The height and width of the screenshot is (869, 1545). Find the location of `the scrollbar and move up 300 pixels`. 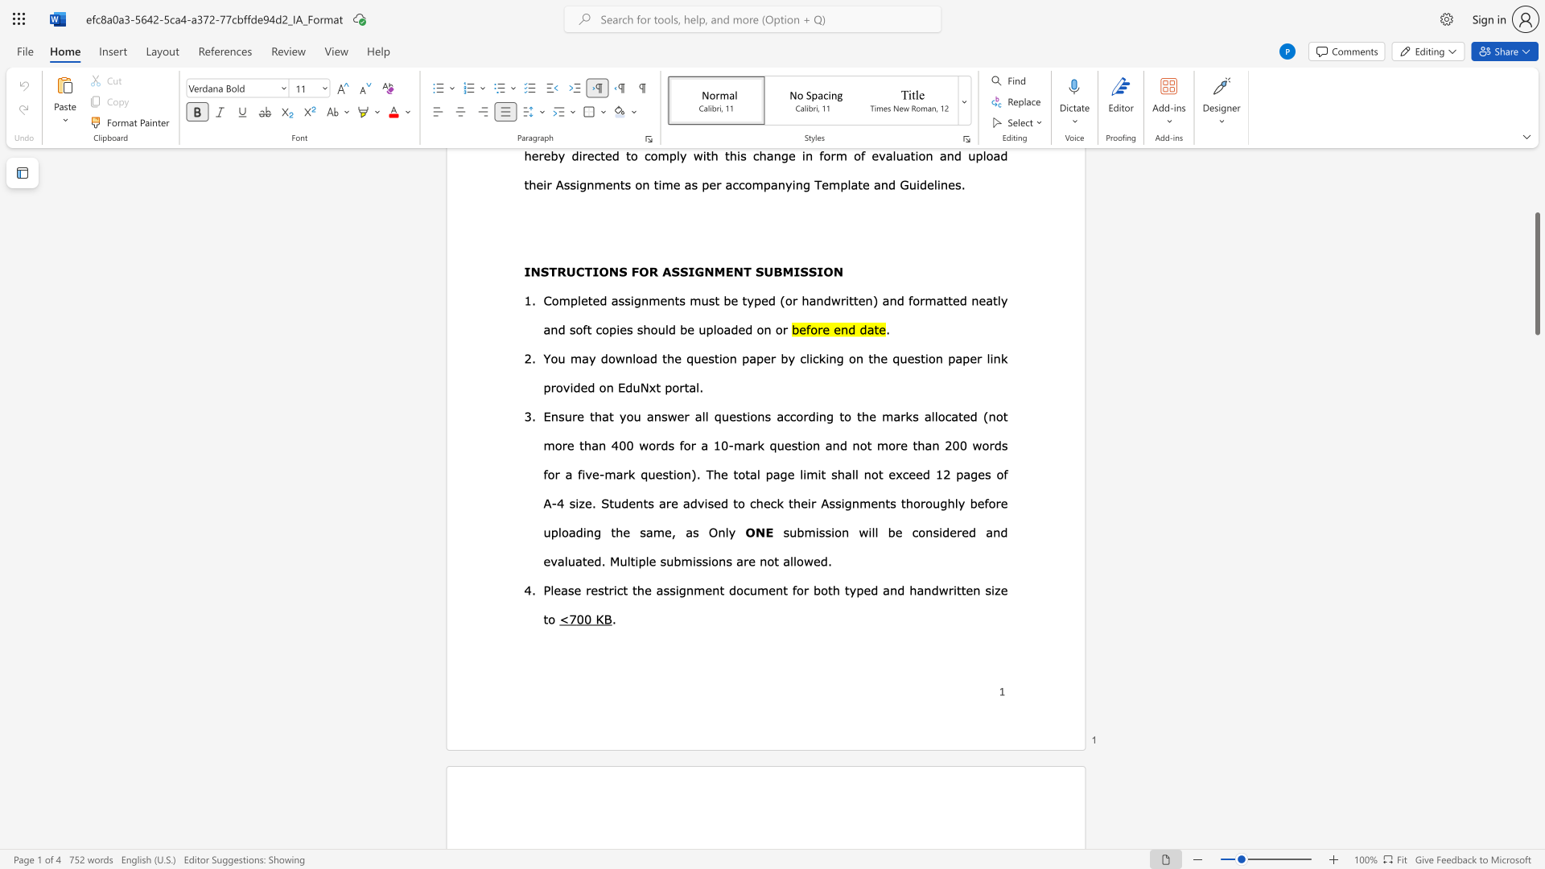

the scrollbar and move up 300 pixels is located at coordinates (1536, 273).